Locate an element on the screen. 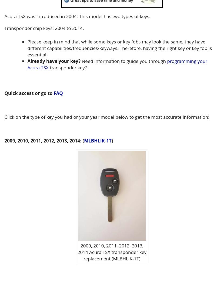 The width and height of the screenshot is (224, 289). 'transponder key?' is located at coordinates (48, 67).